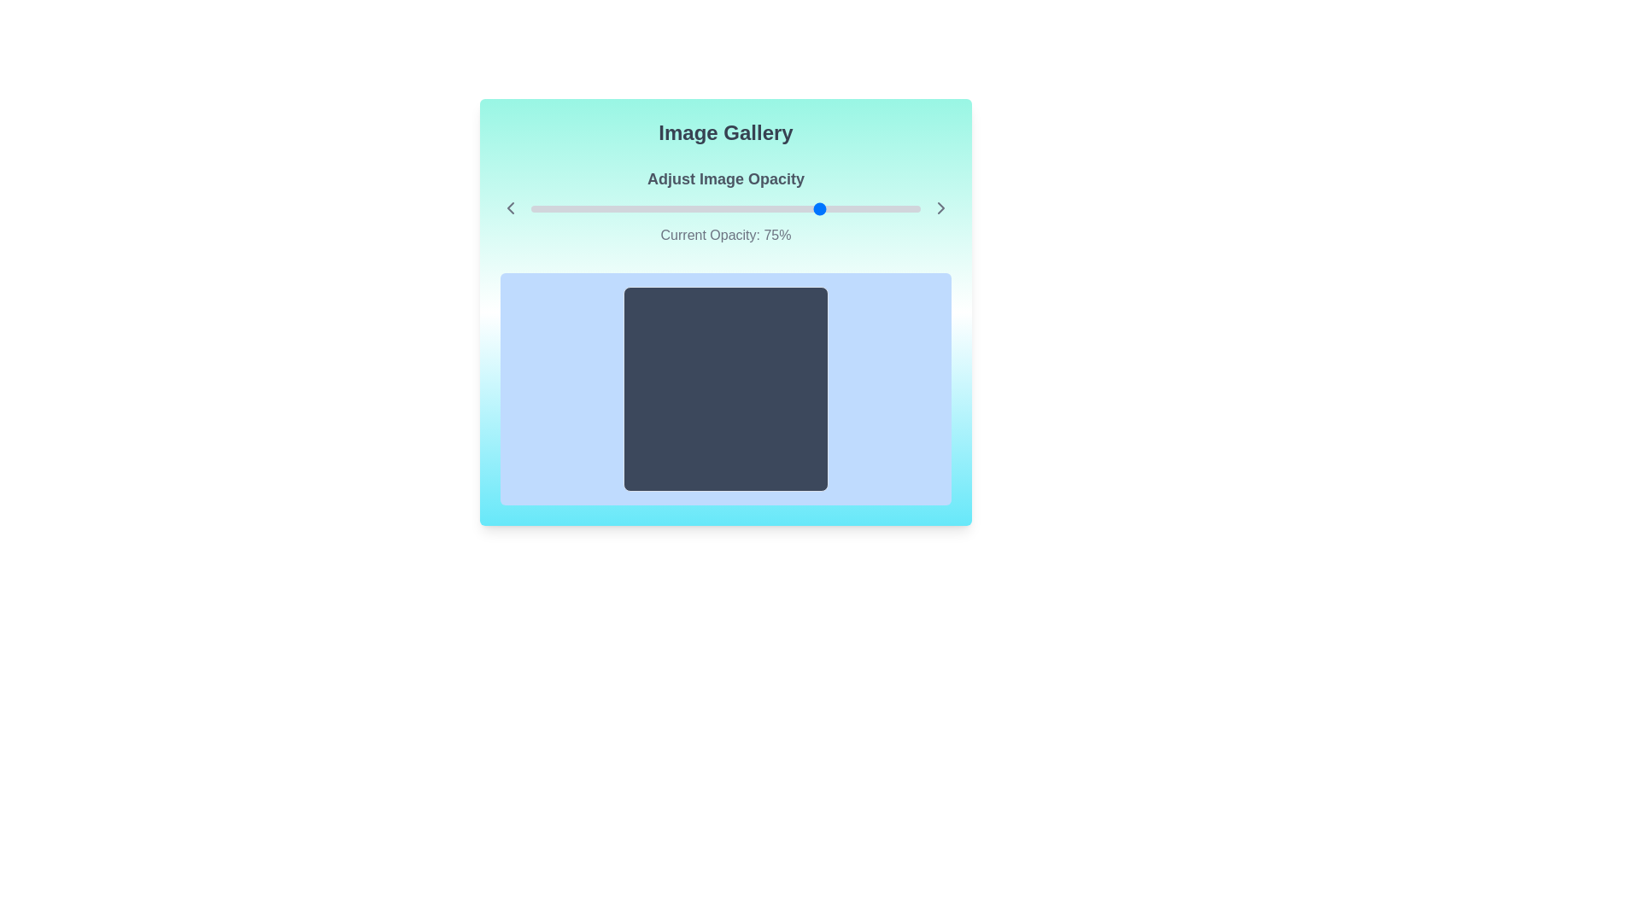 This screenshot has width=1640, height=922. What do you see at coordinates (911, 208) in the screenshot?
I see `the slider to set the opacity to 98%` at bounding box center [911, 208].